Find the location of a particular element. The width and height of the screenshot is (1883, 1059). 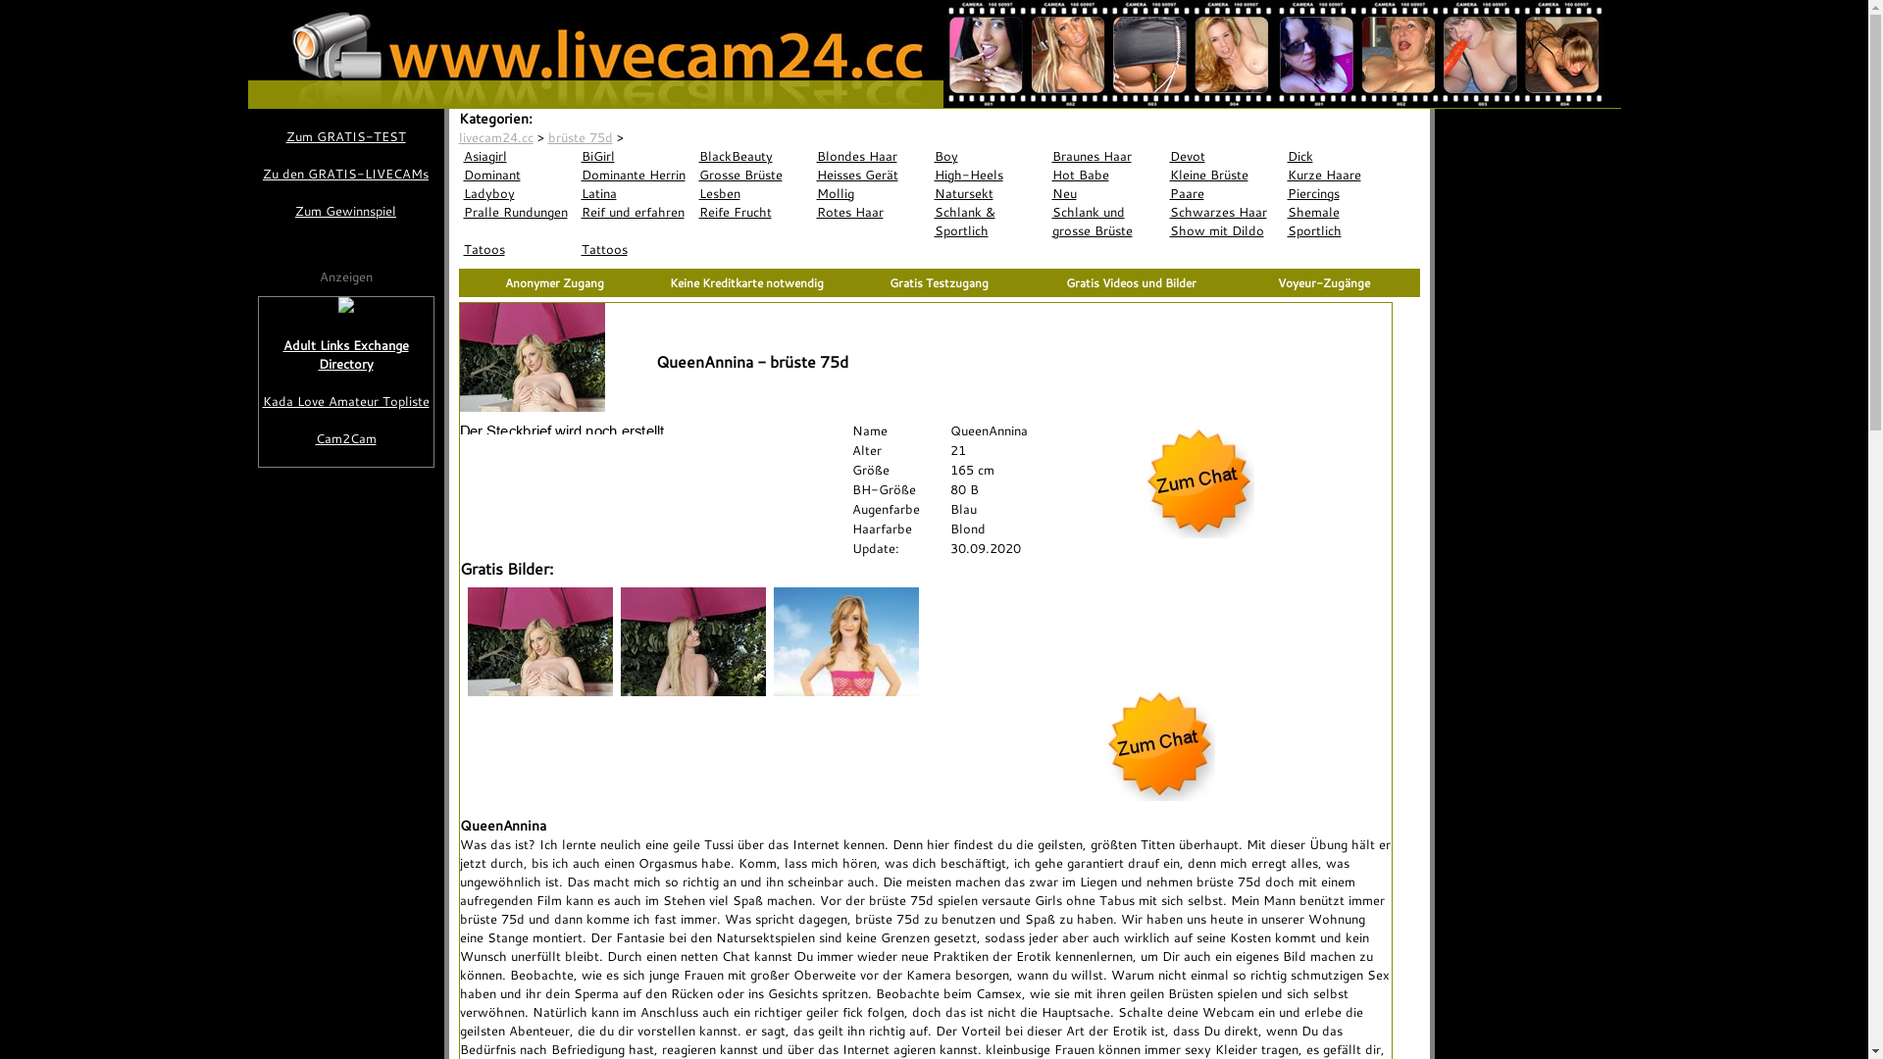

'Dominant' is located at coordinates (518, 174).